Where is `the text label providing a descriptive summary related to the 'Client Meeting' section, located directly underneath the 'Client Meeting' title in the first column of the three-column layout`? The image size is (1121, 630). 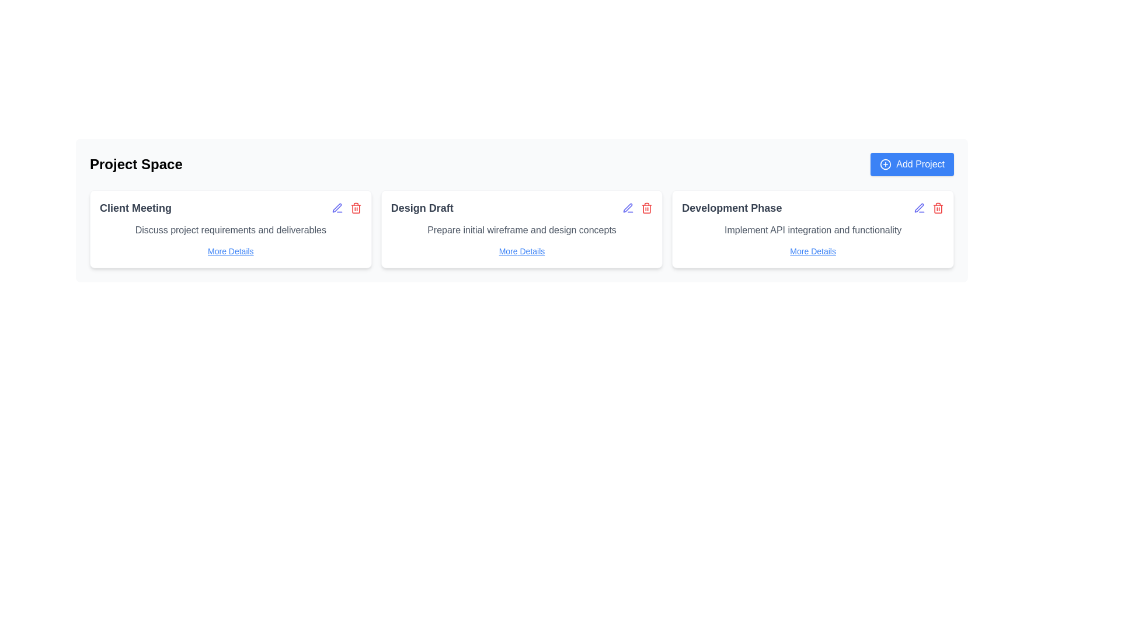
the text label providing a descriptive summary related to the 'Client Meeting' section, located directly underneath the 'Client Meeting' title in the first column of the three-column layout is located at coordinates (231, 230).